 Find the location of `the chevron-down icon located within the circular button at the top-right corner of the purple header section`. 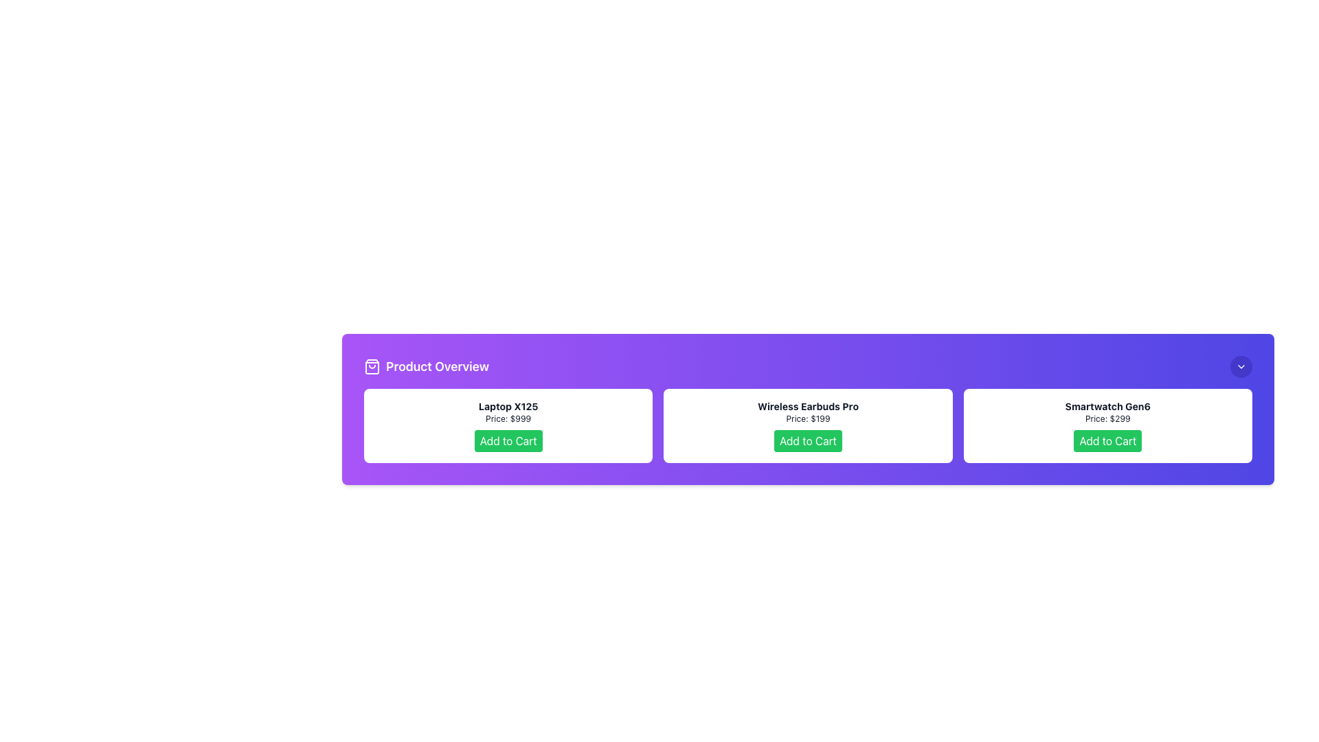

the chevron-down icon located within the circular button at the top-right corner of the purple header section is located at coordinates (1241, 366).